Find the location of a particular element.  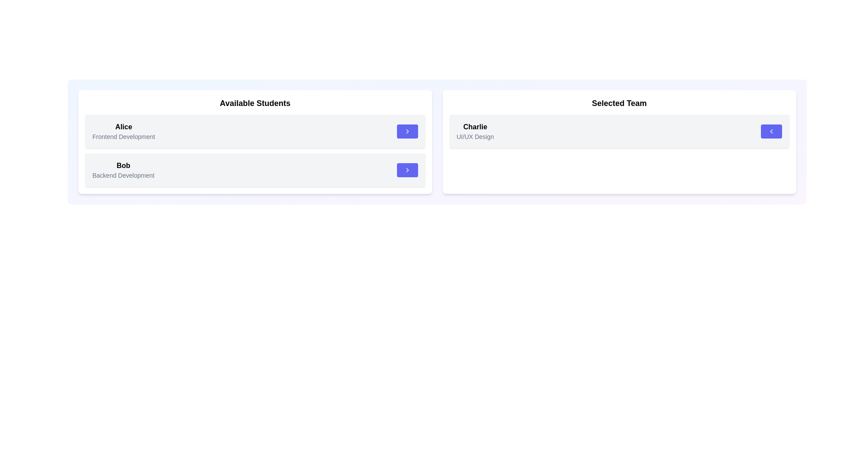

the category Available Students by applying a visual effect is located at coordinates (254, 103).